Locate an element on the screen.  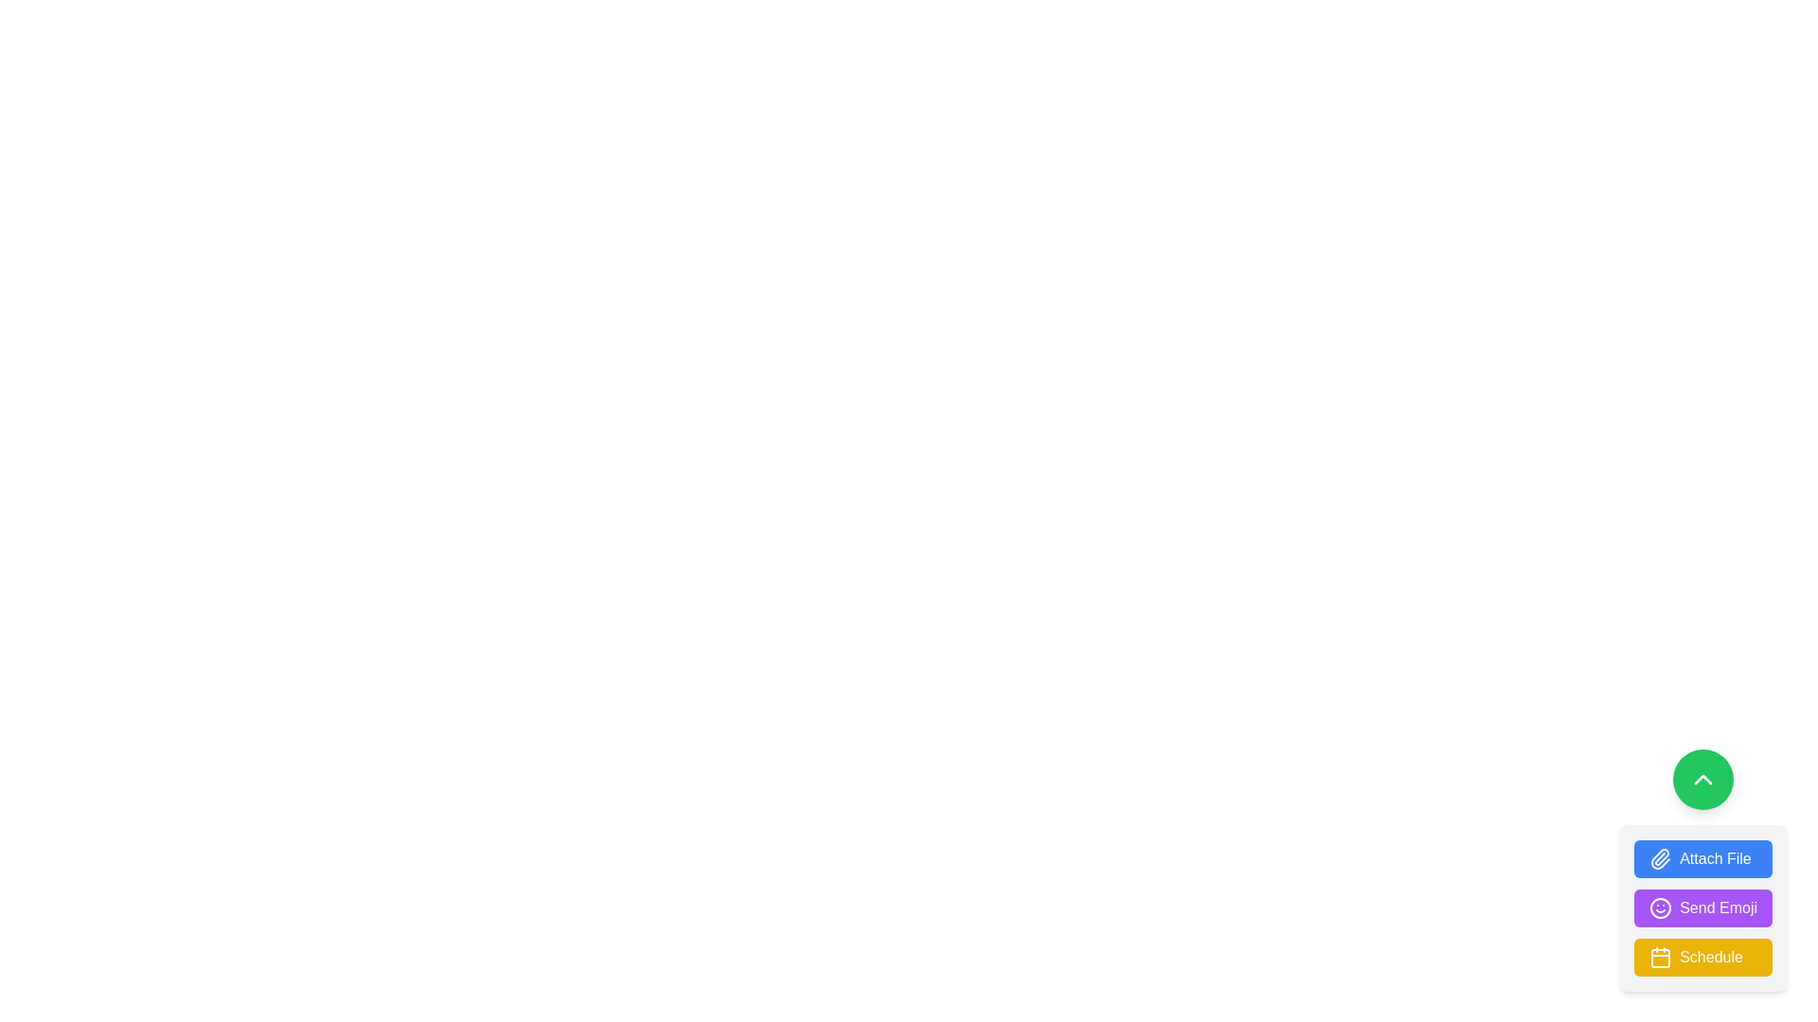
the smiley face icon within the purple 'Send Emoji' button located in the lower right corner of the interface is located at coordinates (1660, 907).